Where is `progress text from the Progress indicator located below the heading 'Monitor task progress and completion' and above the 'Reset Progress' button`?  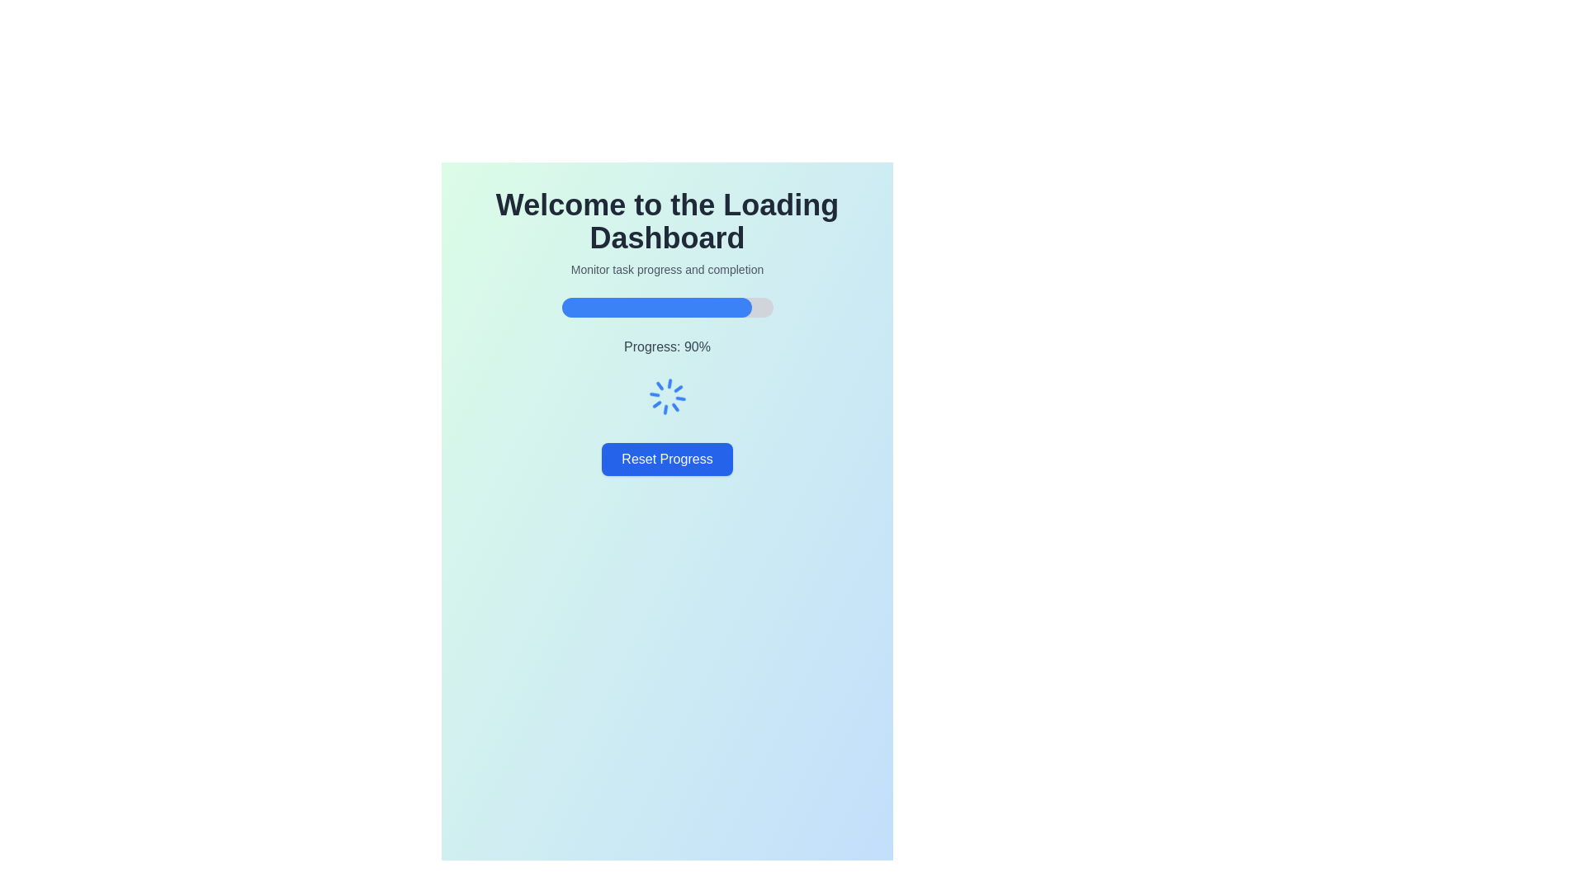 progress text from the Progress indicator located below the heading 'Monitor task progress and completion' and above the 'Reset Progress' button is located at coordinates (667, 356).